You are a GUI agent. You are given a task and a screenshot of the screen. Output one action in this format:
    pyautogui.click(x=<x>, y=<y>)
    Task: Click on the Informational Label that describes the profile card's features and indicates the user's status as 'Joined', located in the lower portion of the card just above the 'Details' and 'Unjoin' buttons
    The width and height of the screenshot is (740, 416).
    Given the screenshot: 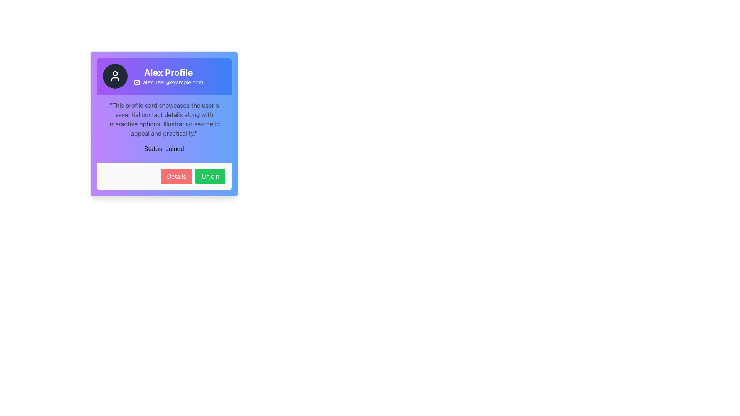 What is the action you would take?
    pyautogui.click(x=164, y=128)
    